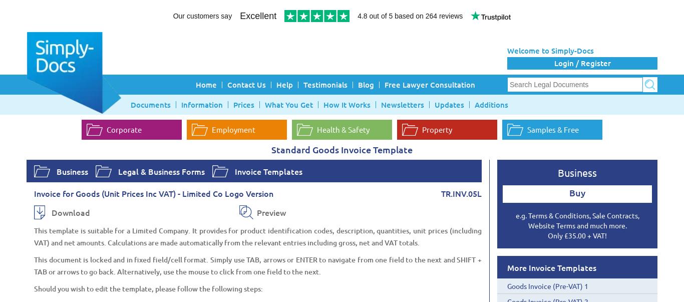 Image resolution: width=684 pixels, height=302 pixels. What do you see at coordinates (268, 170) in the screenshot?
I see `'Invoice Templates'` at bounding box center [268, 170].